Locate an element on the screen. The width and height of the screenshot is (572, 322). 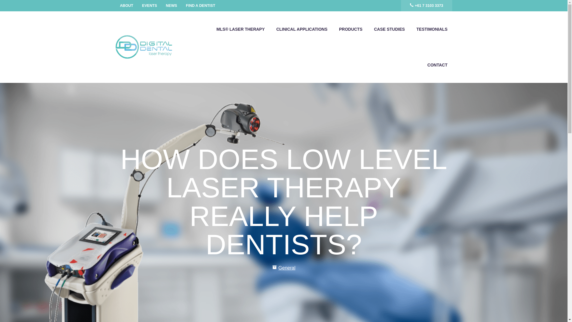
'EVENTS' is located at coordinates (150, 6).